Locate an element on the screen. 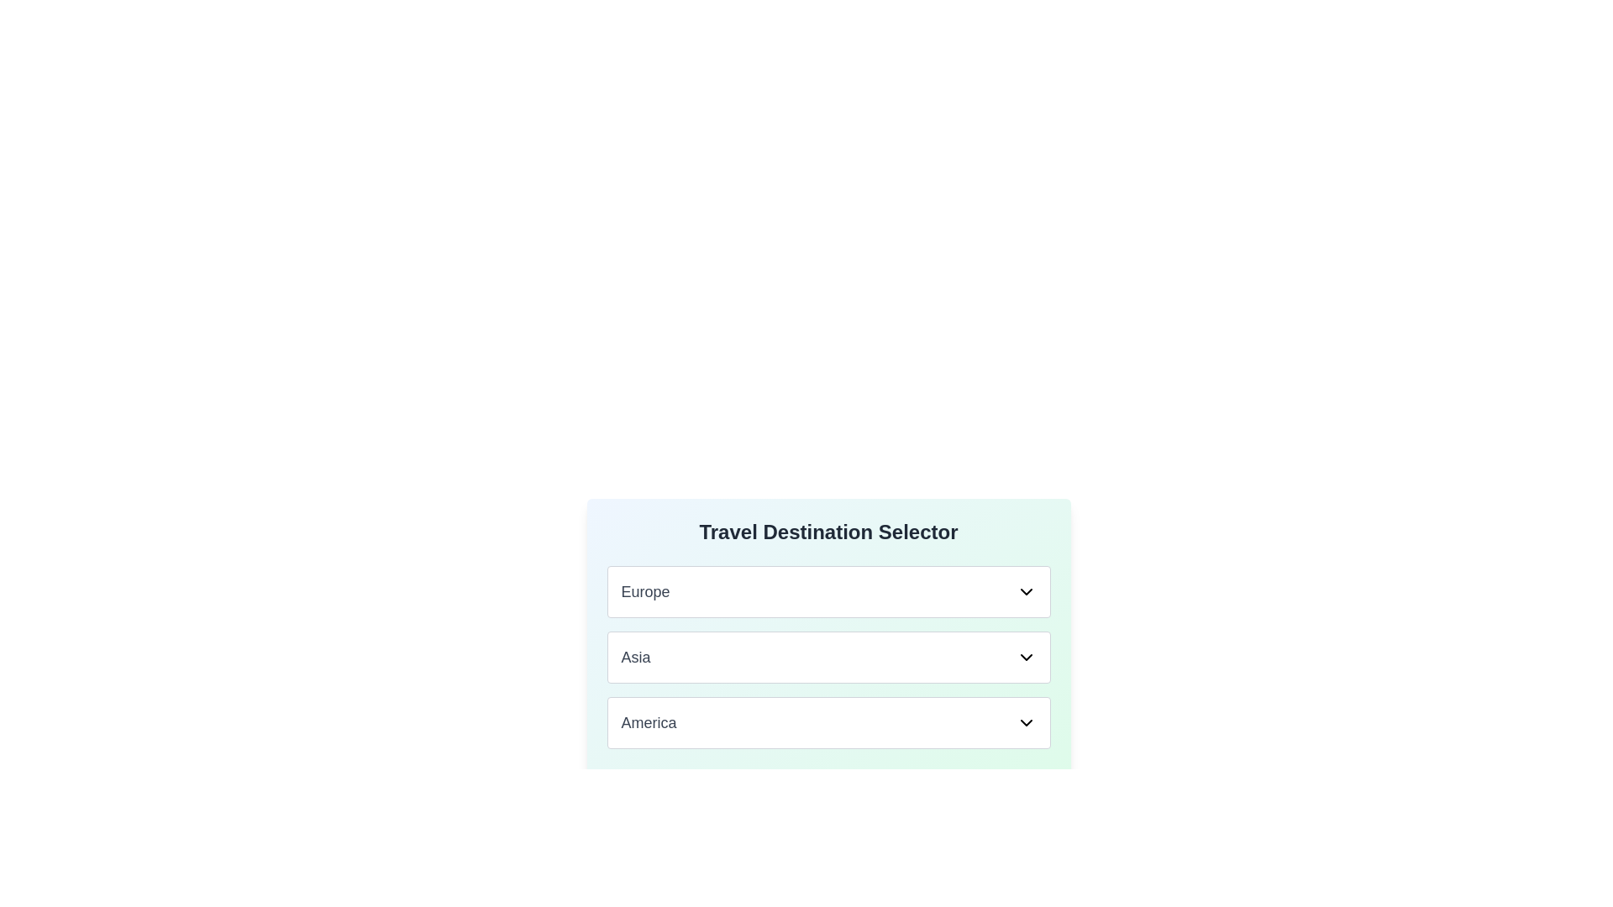  the 'Asia' dropdown menu item in the 'Travel Destination Selector' is located at coordinates (828, 657).